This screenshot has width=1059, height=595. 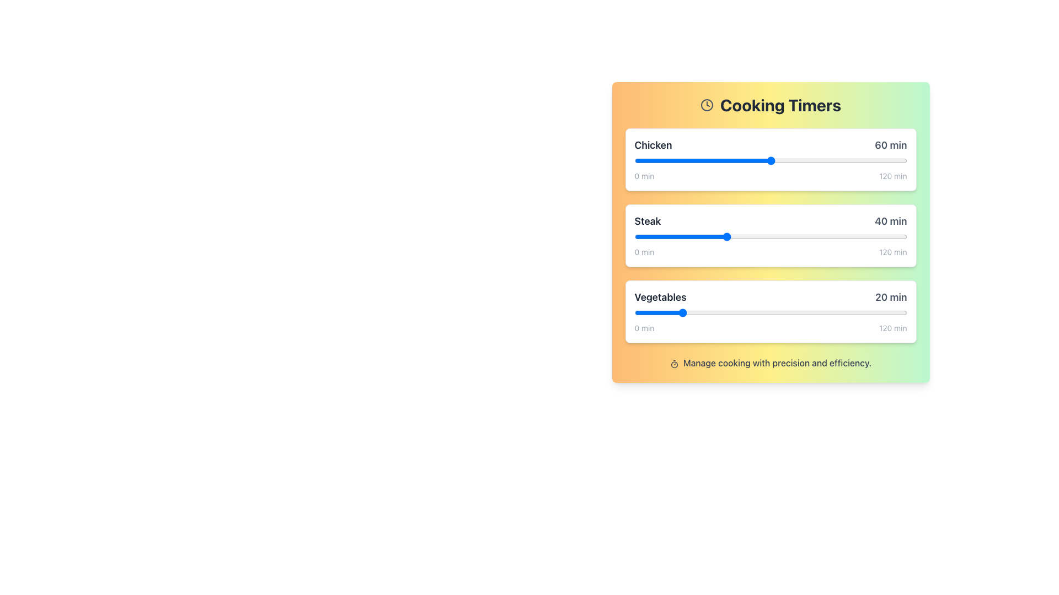 I want to click on the minimalist gray clock icon located to the left of the 'Cooking Timers' text in the top left area of the module, so click(x=707, y=105).